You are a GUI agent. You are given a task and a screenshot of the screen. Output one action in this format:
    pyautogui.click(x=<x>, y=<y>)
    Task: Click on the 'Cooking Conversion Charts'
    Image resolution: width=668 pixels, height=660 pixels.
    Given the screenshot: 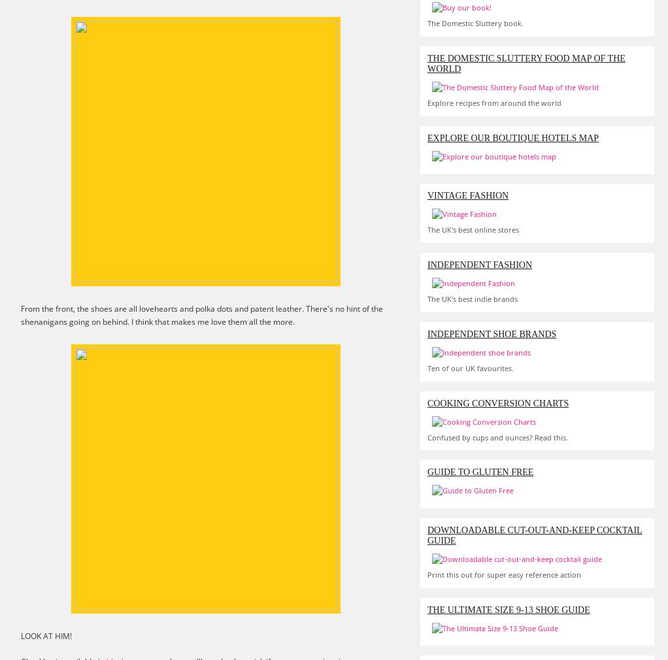 What is the action you would take?
    pyautogui.click(x=497, y=402)
    